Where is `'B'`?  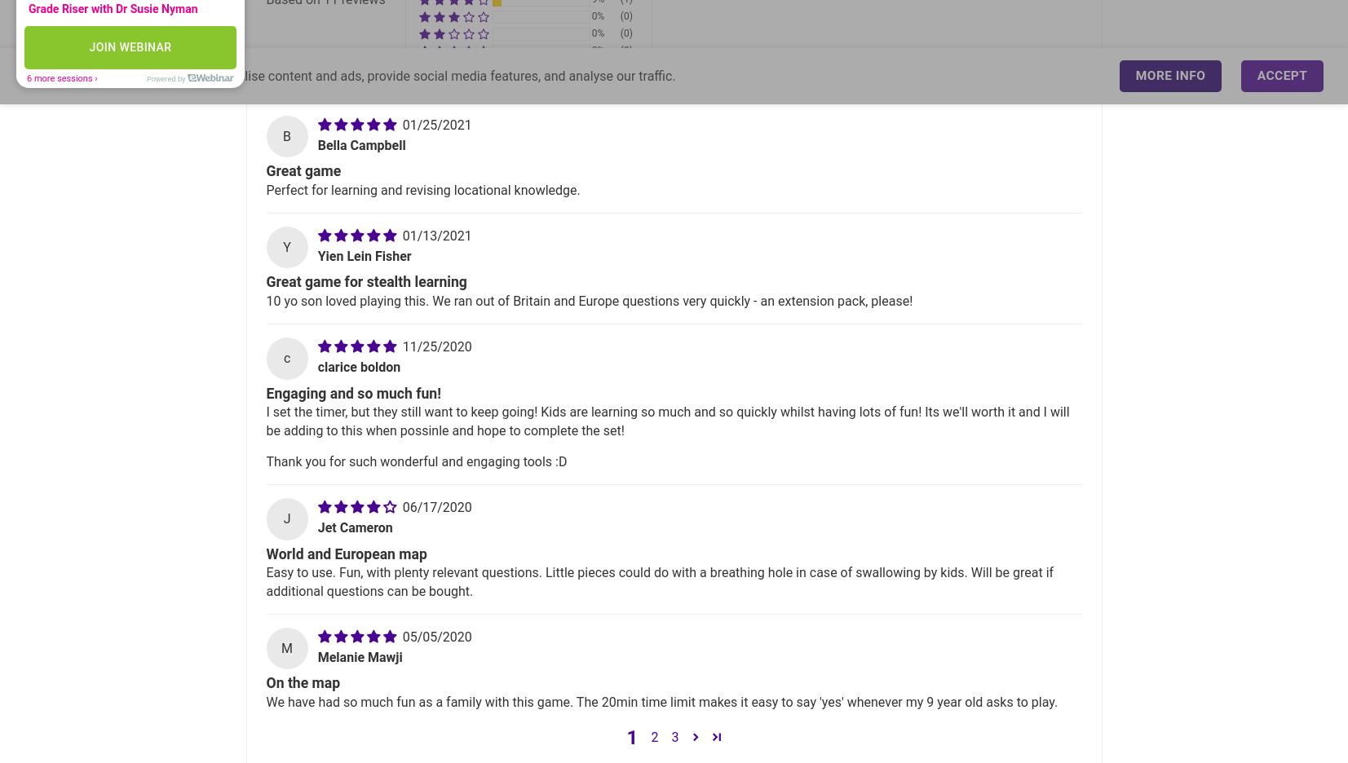 'B' is located at coordinates (285, 135).